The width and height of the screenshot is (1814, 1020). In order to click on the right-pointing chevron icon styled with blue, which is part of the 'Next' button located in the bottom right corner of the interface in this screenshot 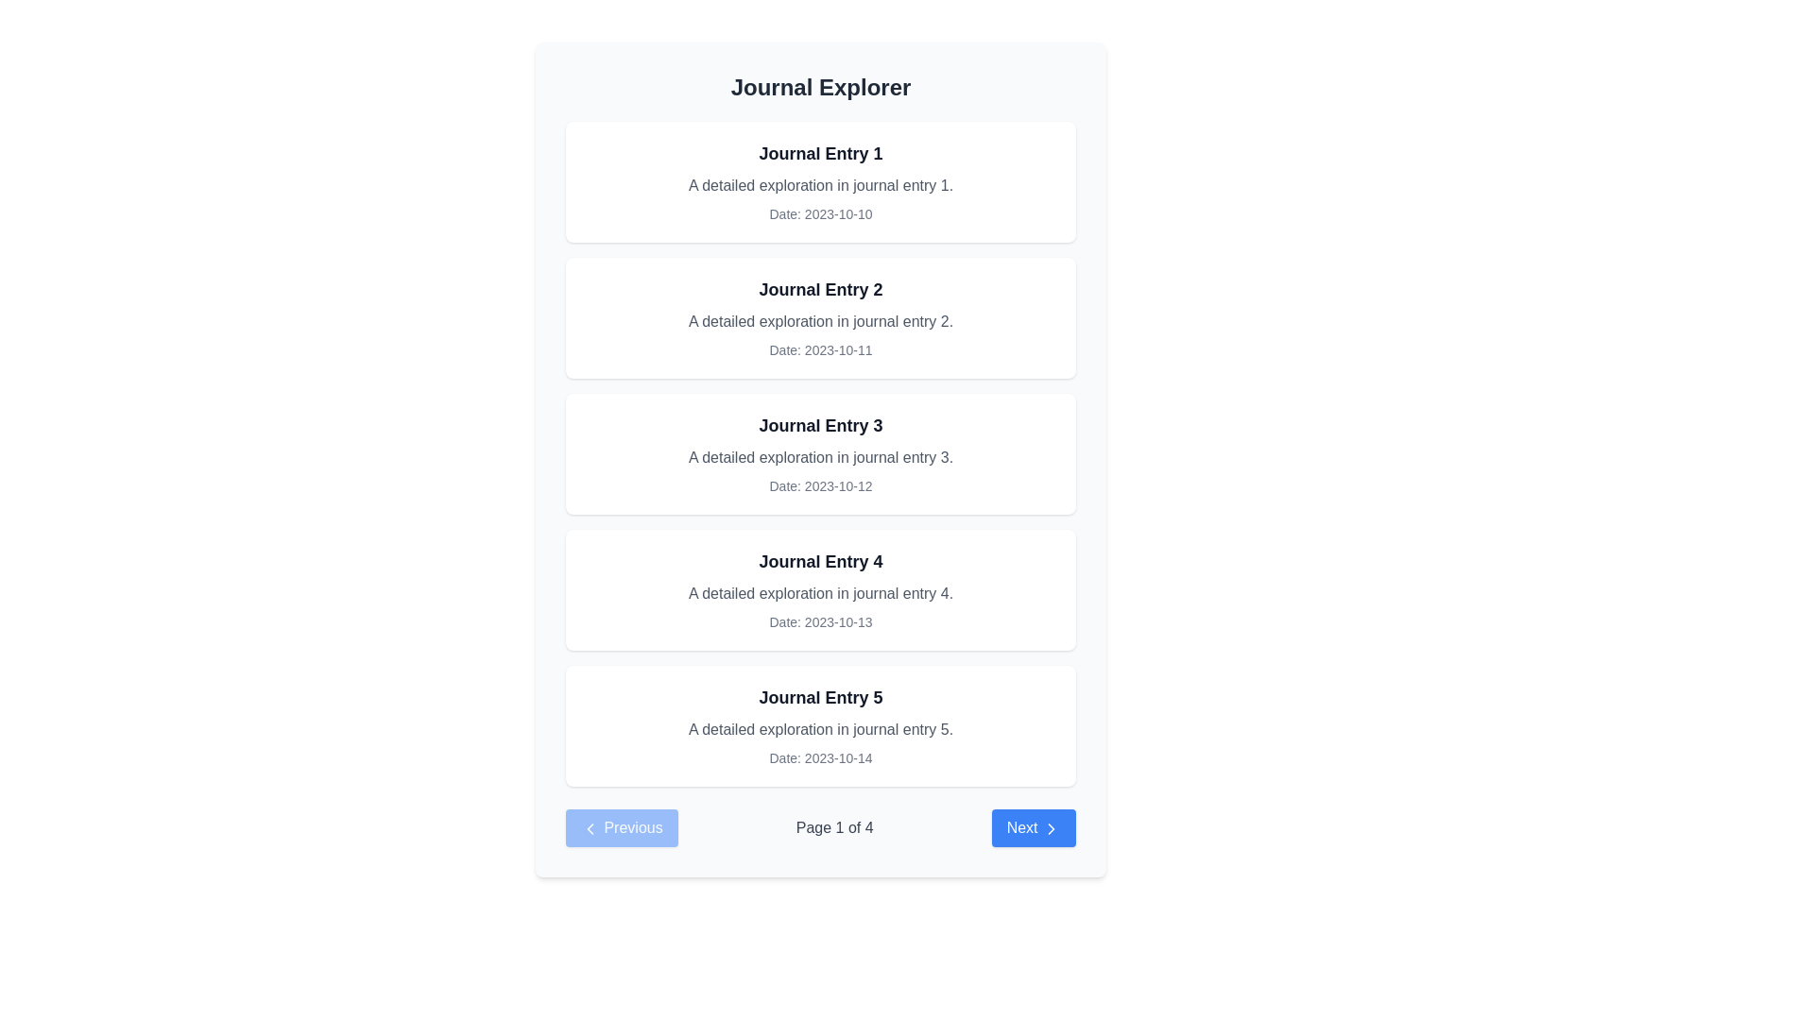, I will do `click(1051, 826)`.